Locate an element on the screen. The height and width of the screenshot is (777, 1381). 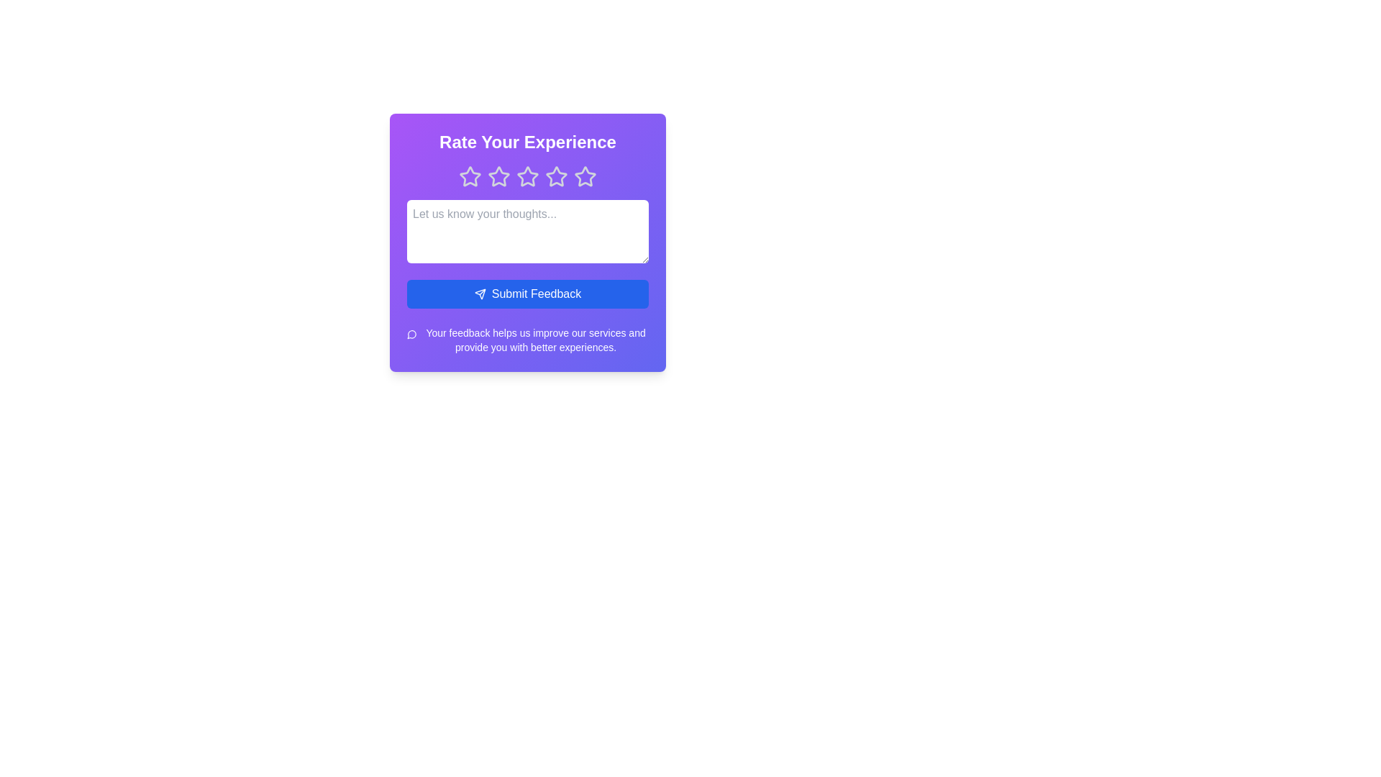
the third star-shaped icon with a purple background and gray outline in the rating system is located at coordinates (555, 176).